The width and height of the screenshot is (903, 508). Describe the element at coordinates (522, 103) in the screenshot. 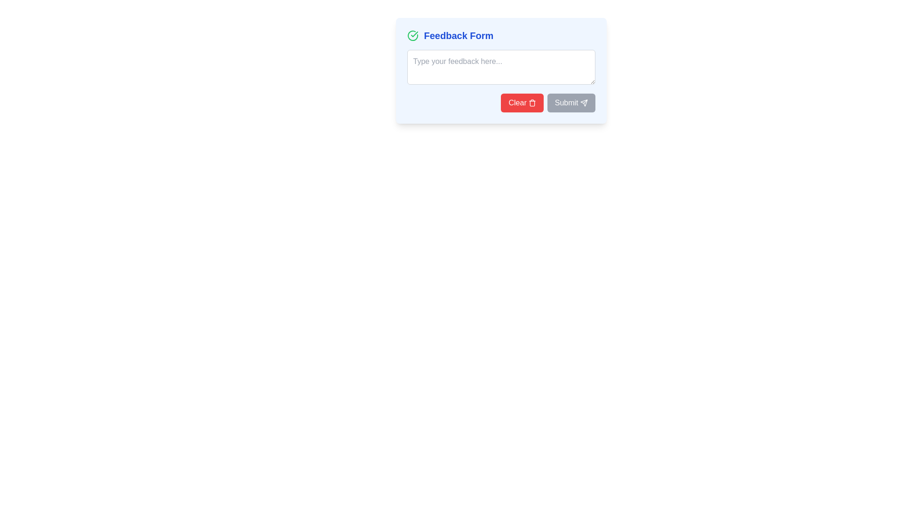

I see `the clear button located in the 'Feedback Form' interface, positioned on the left of the 'Submit' button, to clear any existing input in the feedback text field` at that location.